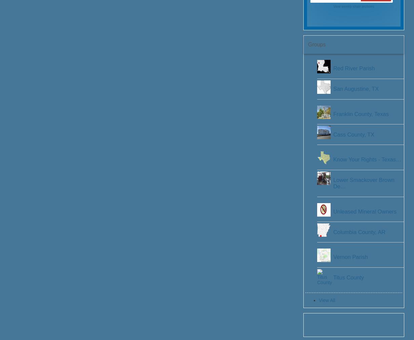 Image resolution: width=414 pixels, height=340 pixels. I want to click on 'Lower Smackover Brown De…', so click(363, 183).